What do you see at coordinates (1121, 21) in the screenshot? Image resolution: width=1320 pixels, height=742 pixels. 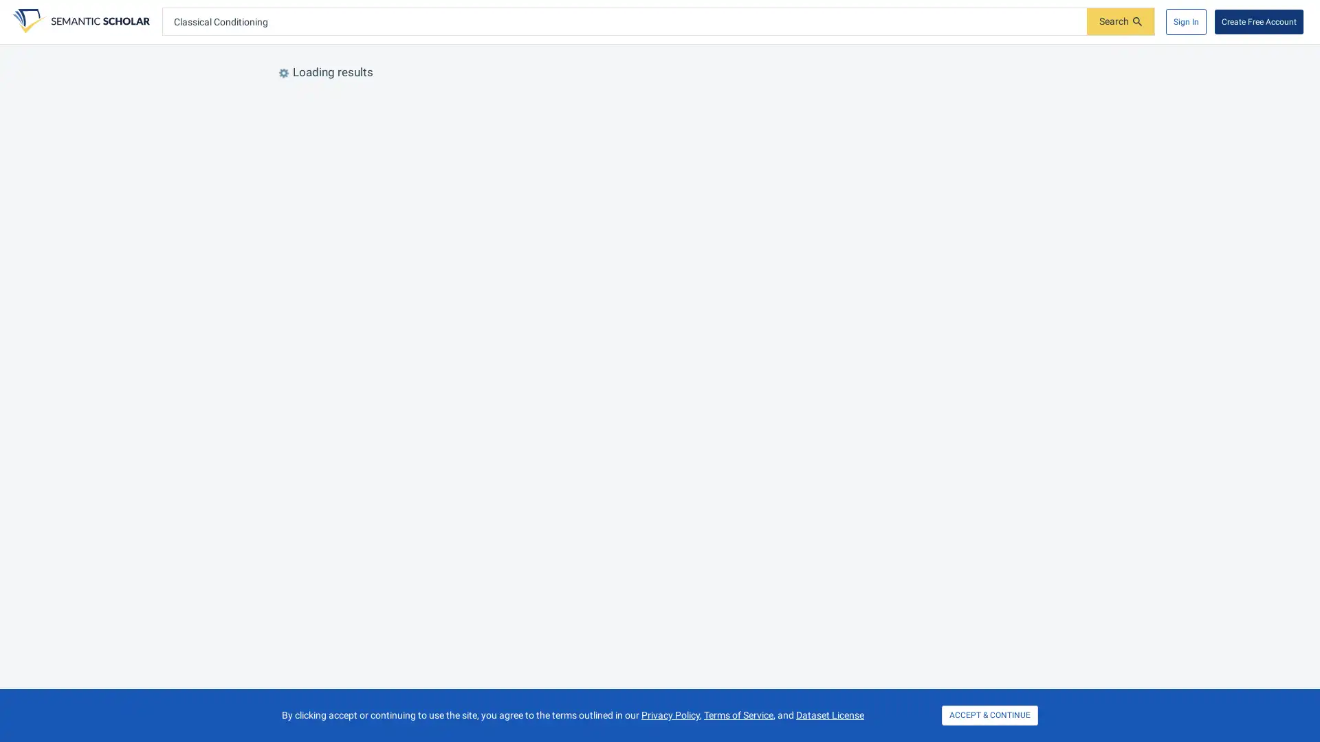 I see `Submit` at bounding box center [1121, 21].